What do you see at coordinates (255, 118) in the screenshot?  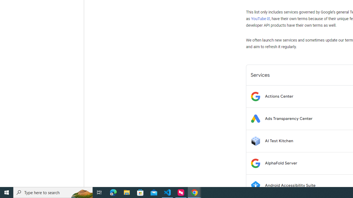 I see `'Logo for Ads Transparency Center'` at bounding box center [255, 118].